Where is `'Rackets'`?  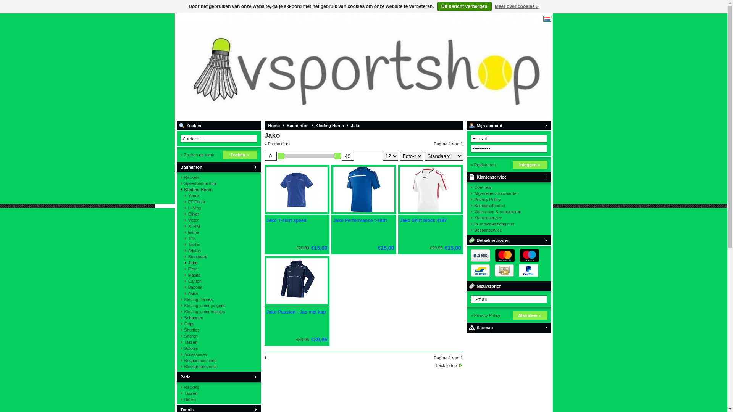
'Rackets' is located at coordinates (218, 177).